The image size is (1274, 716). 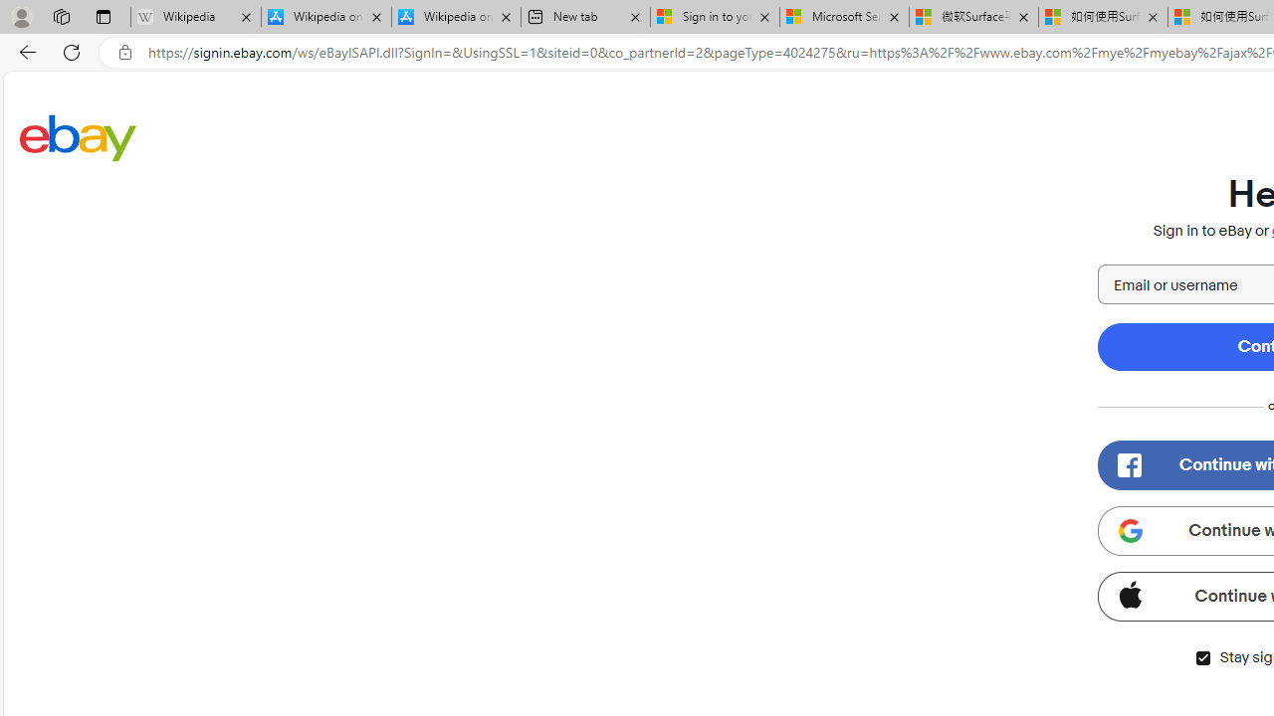 What do you see at coordinates (78, 136) in the screenshot?
I see `'eBay Home'` at bounding box center [78, 136].